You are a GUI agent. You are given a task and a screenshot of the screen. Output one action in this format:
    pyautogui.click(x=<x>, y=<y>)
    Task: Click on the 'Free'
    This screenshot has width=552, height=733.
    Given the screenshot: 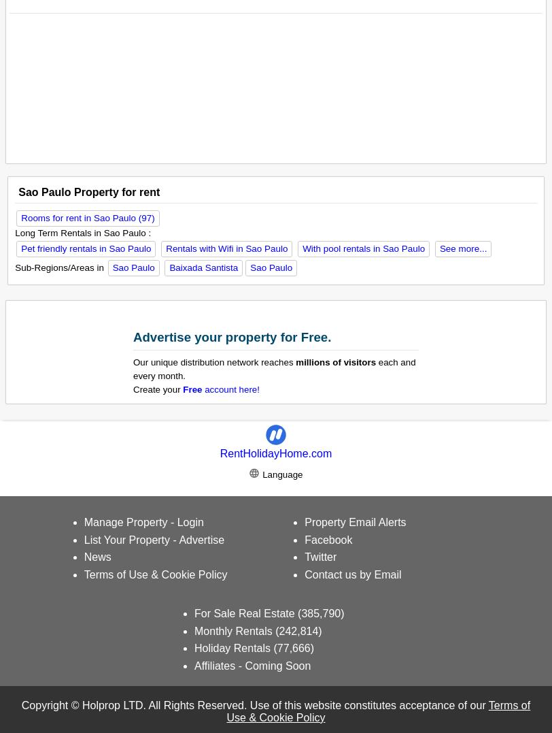 What is the action you would take?
    pyautogui.click(x=183, y=389)
    